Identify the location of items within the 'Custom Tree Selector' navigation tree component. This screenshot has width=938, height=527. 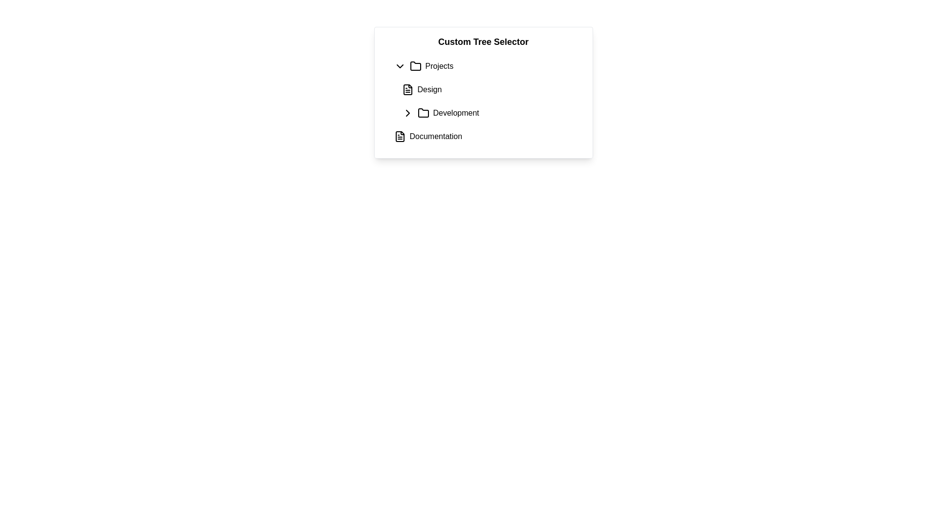
(483, 92).